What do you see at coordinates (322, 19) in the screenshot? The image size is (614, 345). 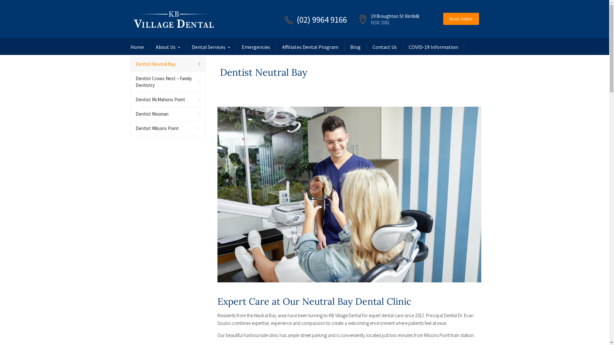 I see `'(02) 9964 9166'` at bounding box center [322, 19].